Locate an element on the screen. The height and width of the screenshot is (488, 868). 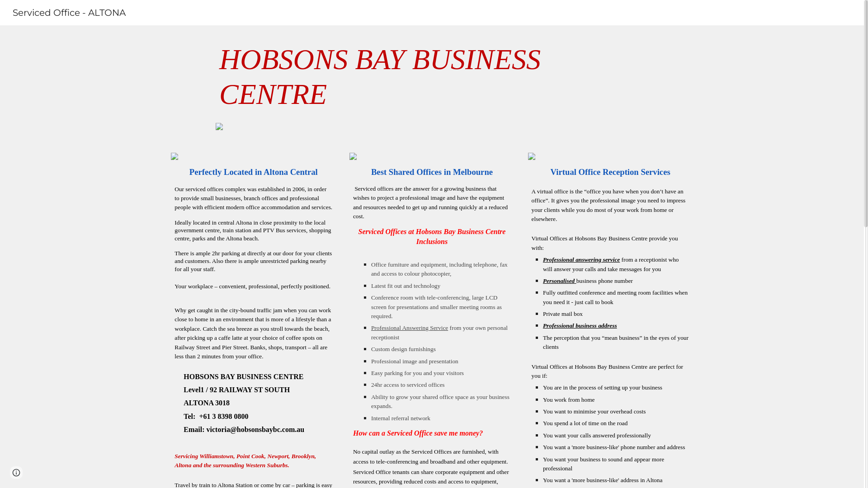
'Serviced Office - ALTONA' is located at coordinates (69, 12).